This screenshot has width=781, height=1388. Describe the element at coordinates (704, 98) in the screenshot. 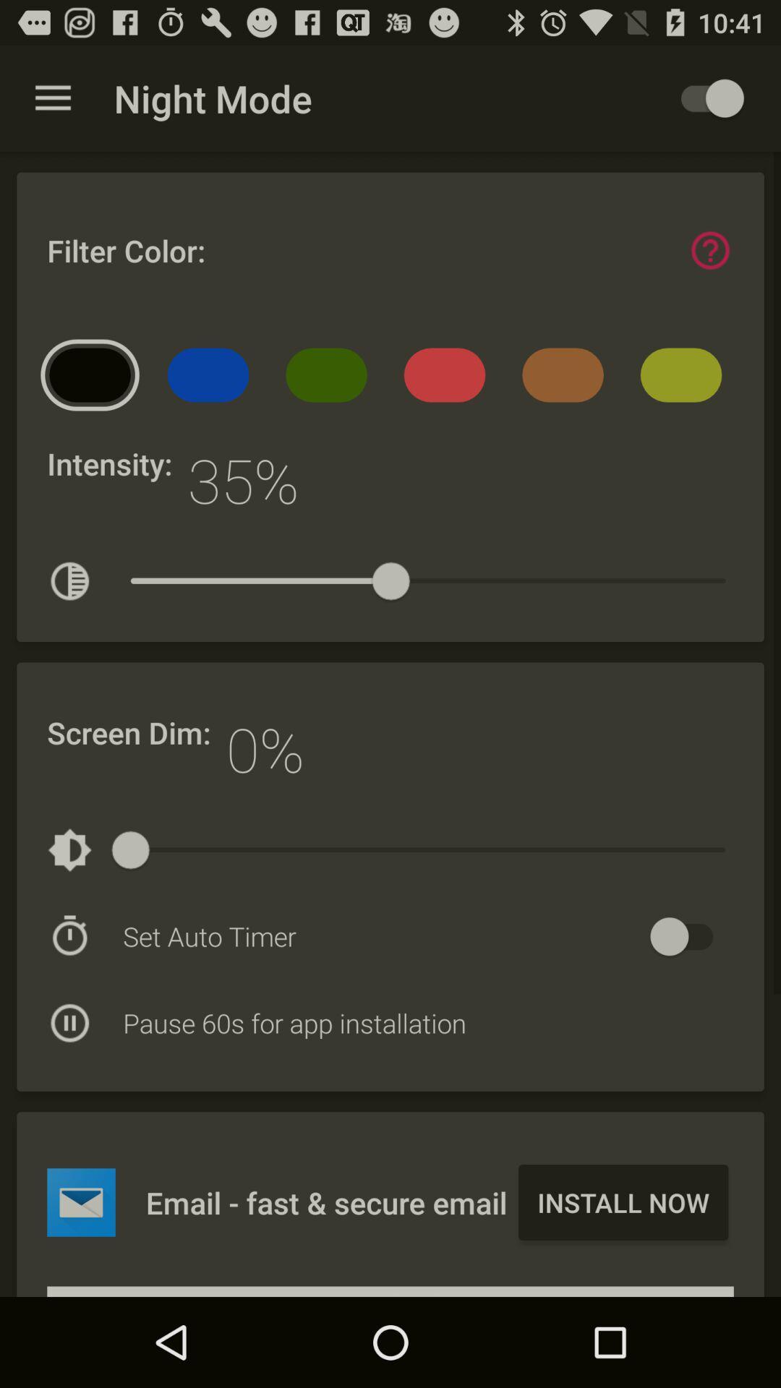

I see `activate night mode` at that location.